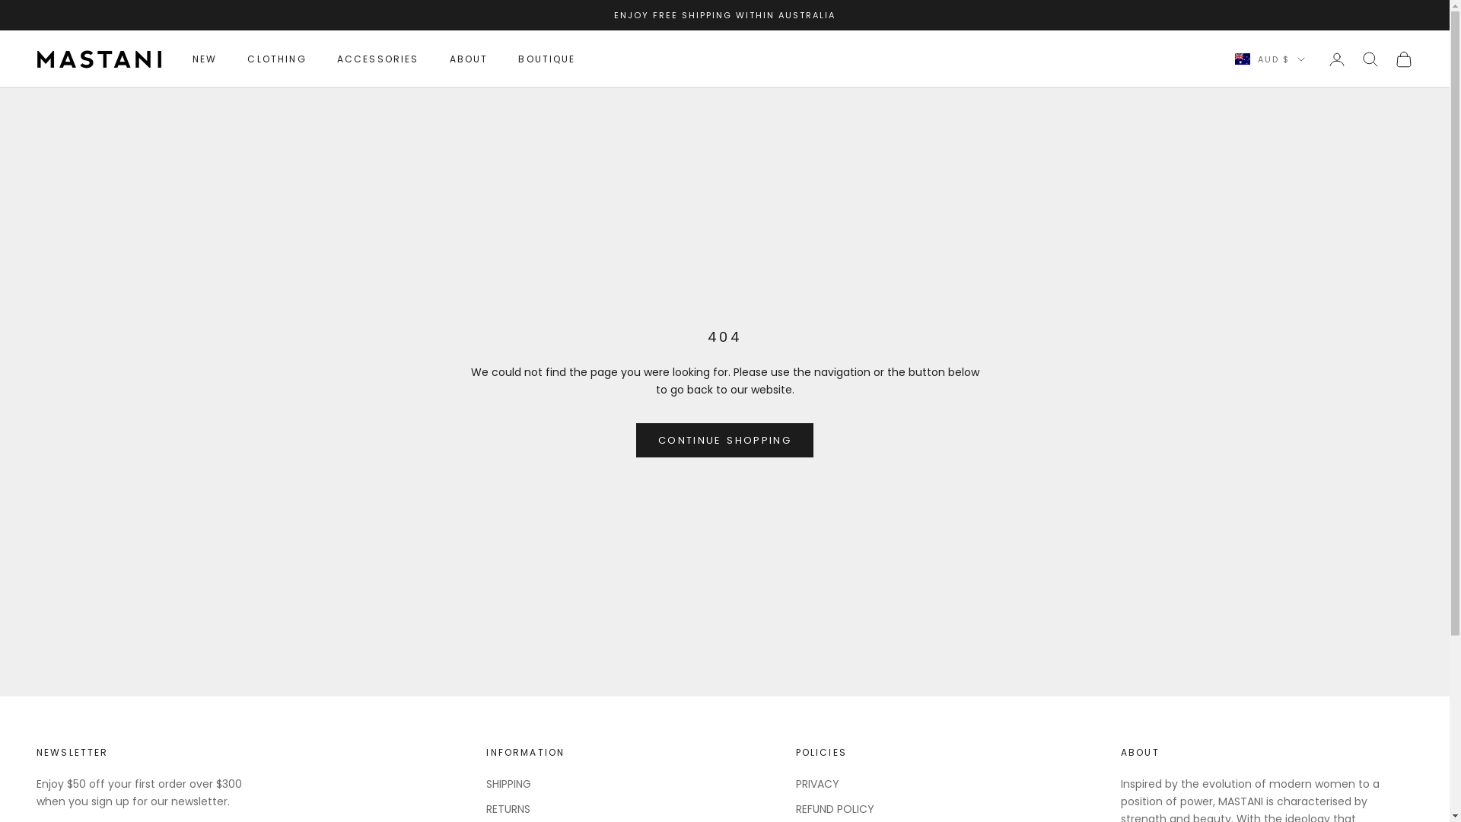 This screenshot has height=822, width=1461. I want to click on 'Open search', so click(1361, 58).